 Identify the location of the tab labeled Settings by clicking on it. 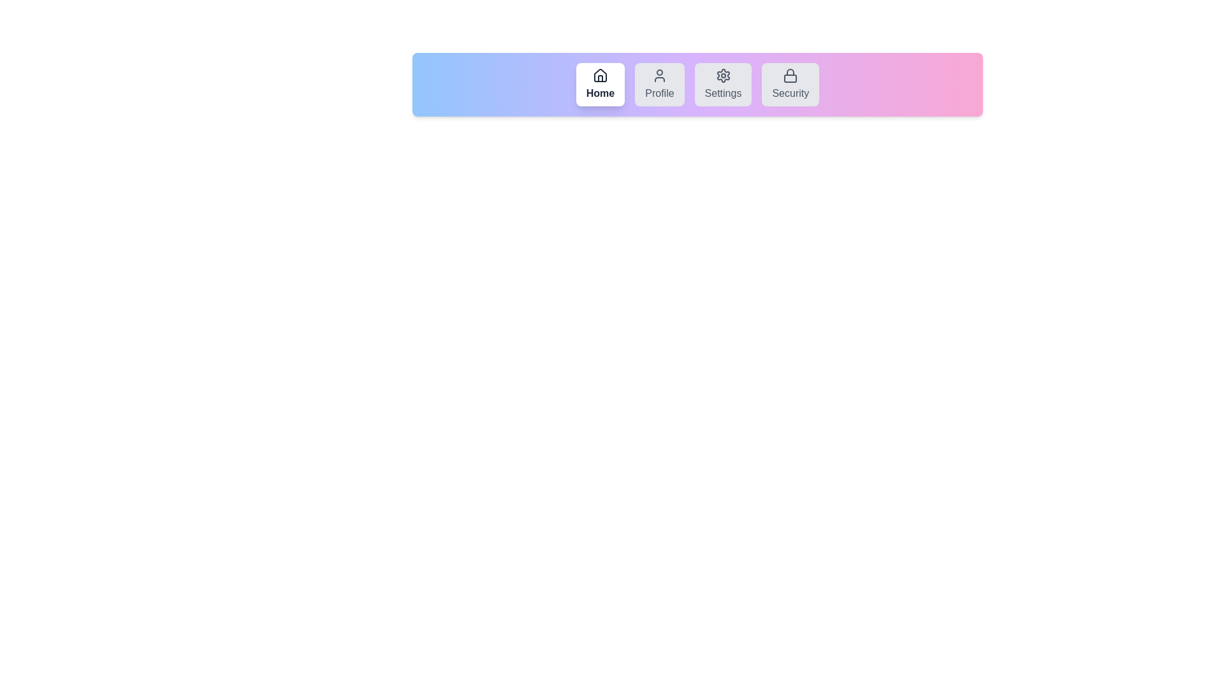
(722, 84).